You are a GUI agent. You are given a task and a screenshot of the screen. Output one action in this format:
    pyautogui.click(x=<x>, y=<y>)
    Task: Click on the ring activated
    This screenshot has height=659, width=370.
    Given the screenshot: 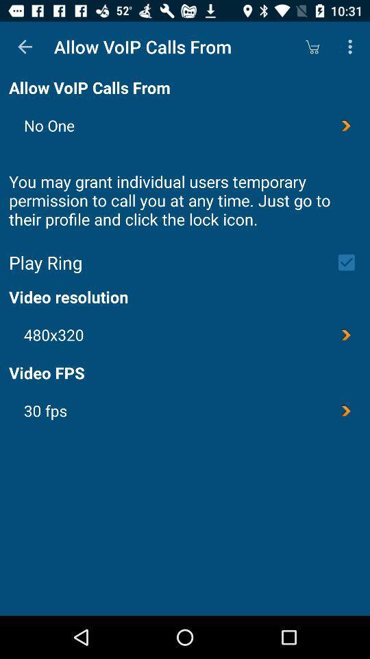 What is the action you would take?
    pyautogui.click(x=351, y=262)
    